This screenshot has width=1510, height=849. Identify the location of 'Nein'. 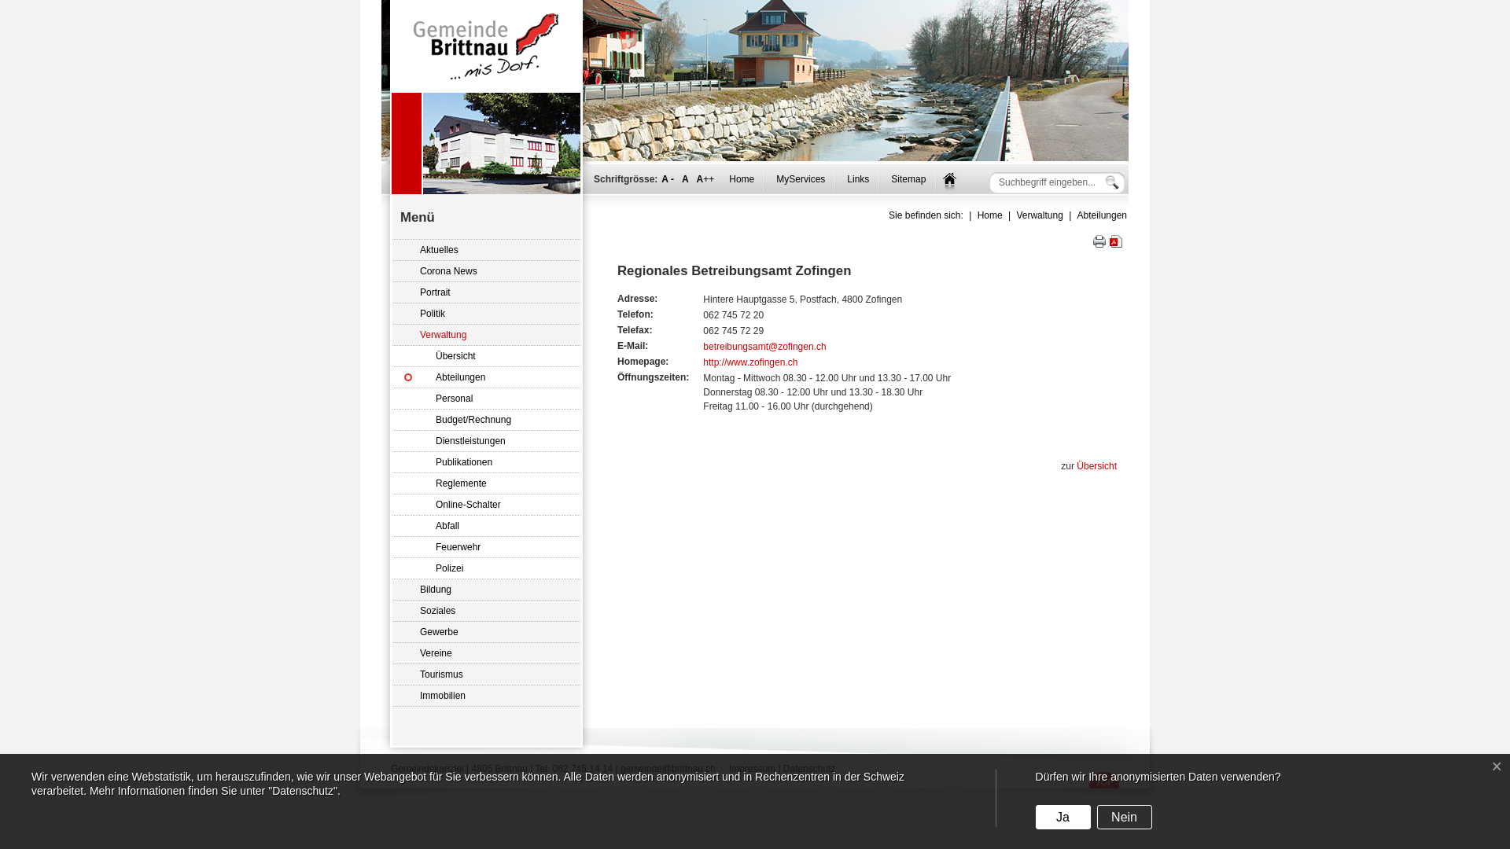
(1124, 816).